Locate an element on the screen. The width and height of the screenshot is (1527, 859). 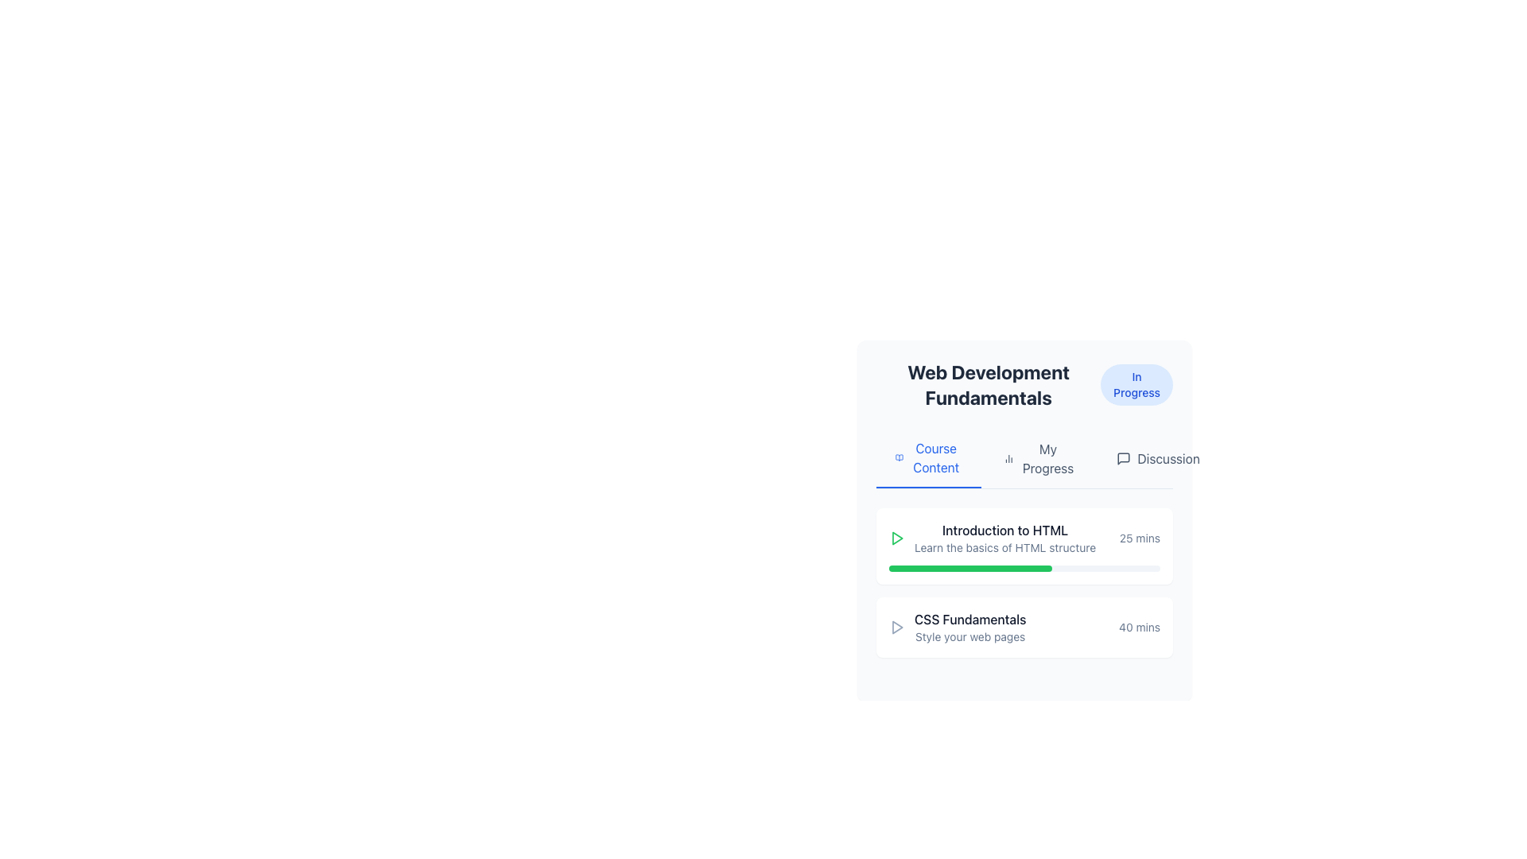
the Course item entry titled 'CSS Fundamentals' is located at coordinates (1024, 627).